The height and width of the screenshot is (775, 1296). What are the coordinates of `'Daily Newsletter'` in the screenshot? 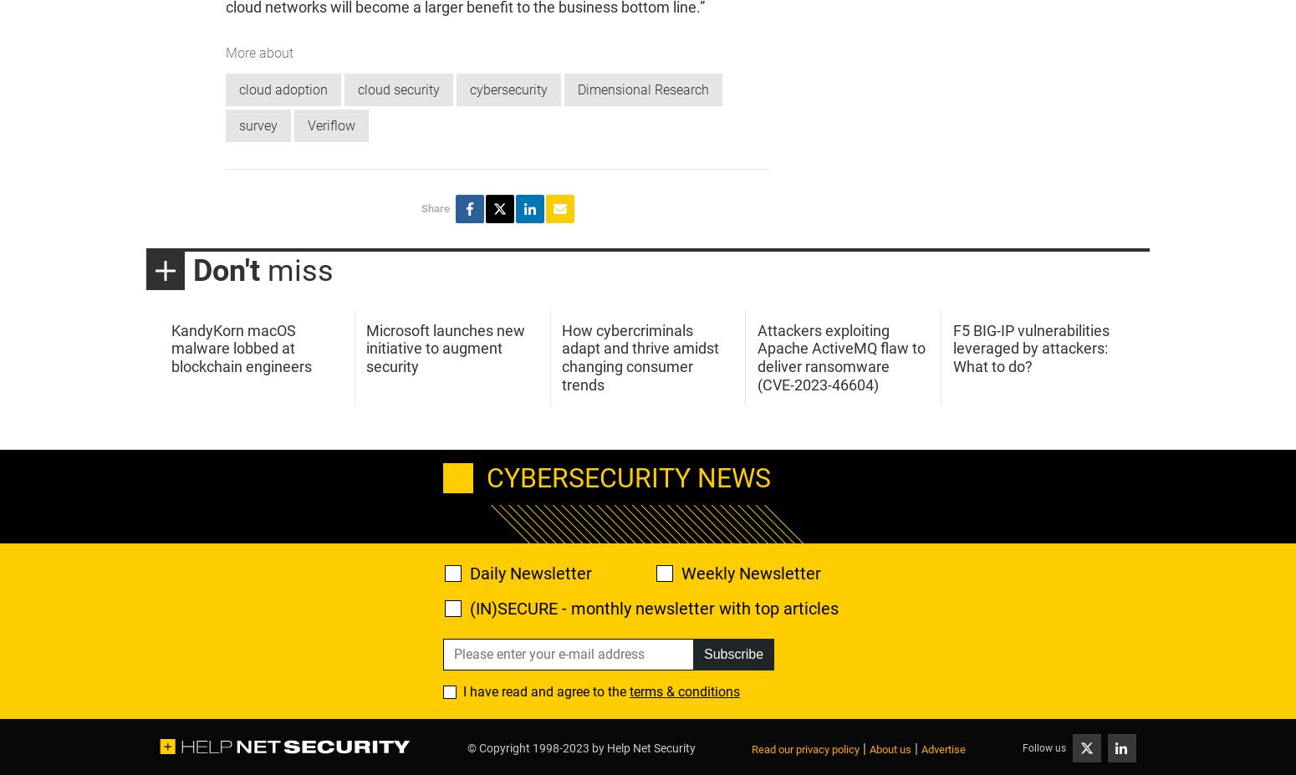 It's located at (530, 572).